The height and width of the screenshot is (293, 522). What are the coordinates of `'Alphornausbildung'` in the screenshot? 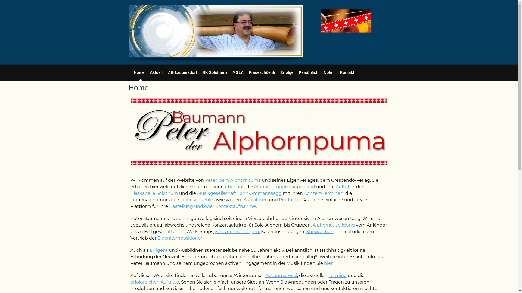 It's located at (333, 225).